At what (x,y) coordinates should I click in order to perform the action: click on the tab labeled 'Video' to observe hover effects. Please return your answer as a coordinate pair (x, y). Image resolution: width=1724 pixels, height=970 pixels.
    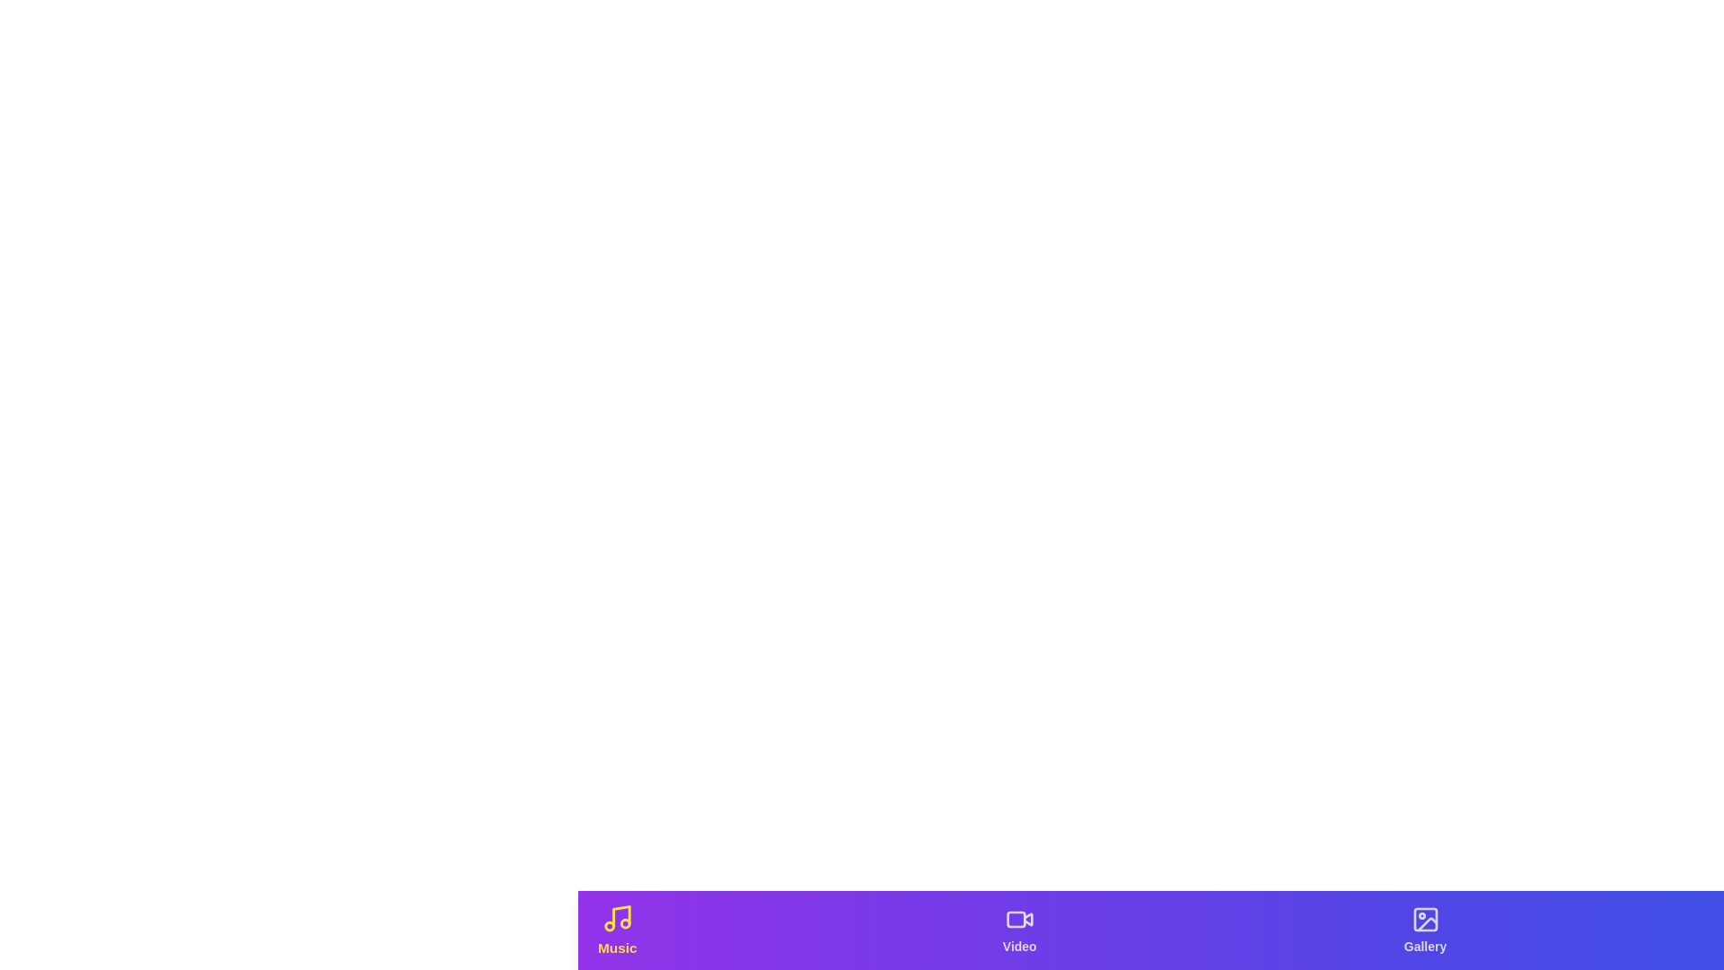
    Looking at the image, I should click on (1019, 930).